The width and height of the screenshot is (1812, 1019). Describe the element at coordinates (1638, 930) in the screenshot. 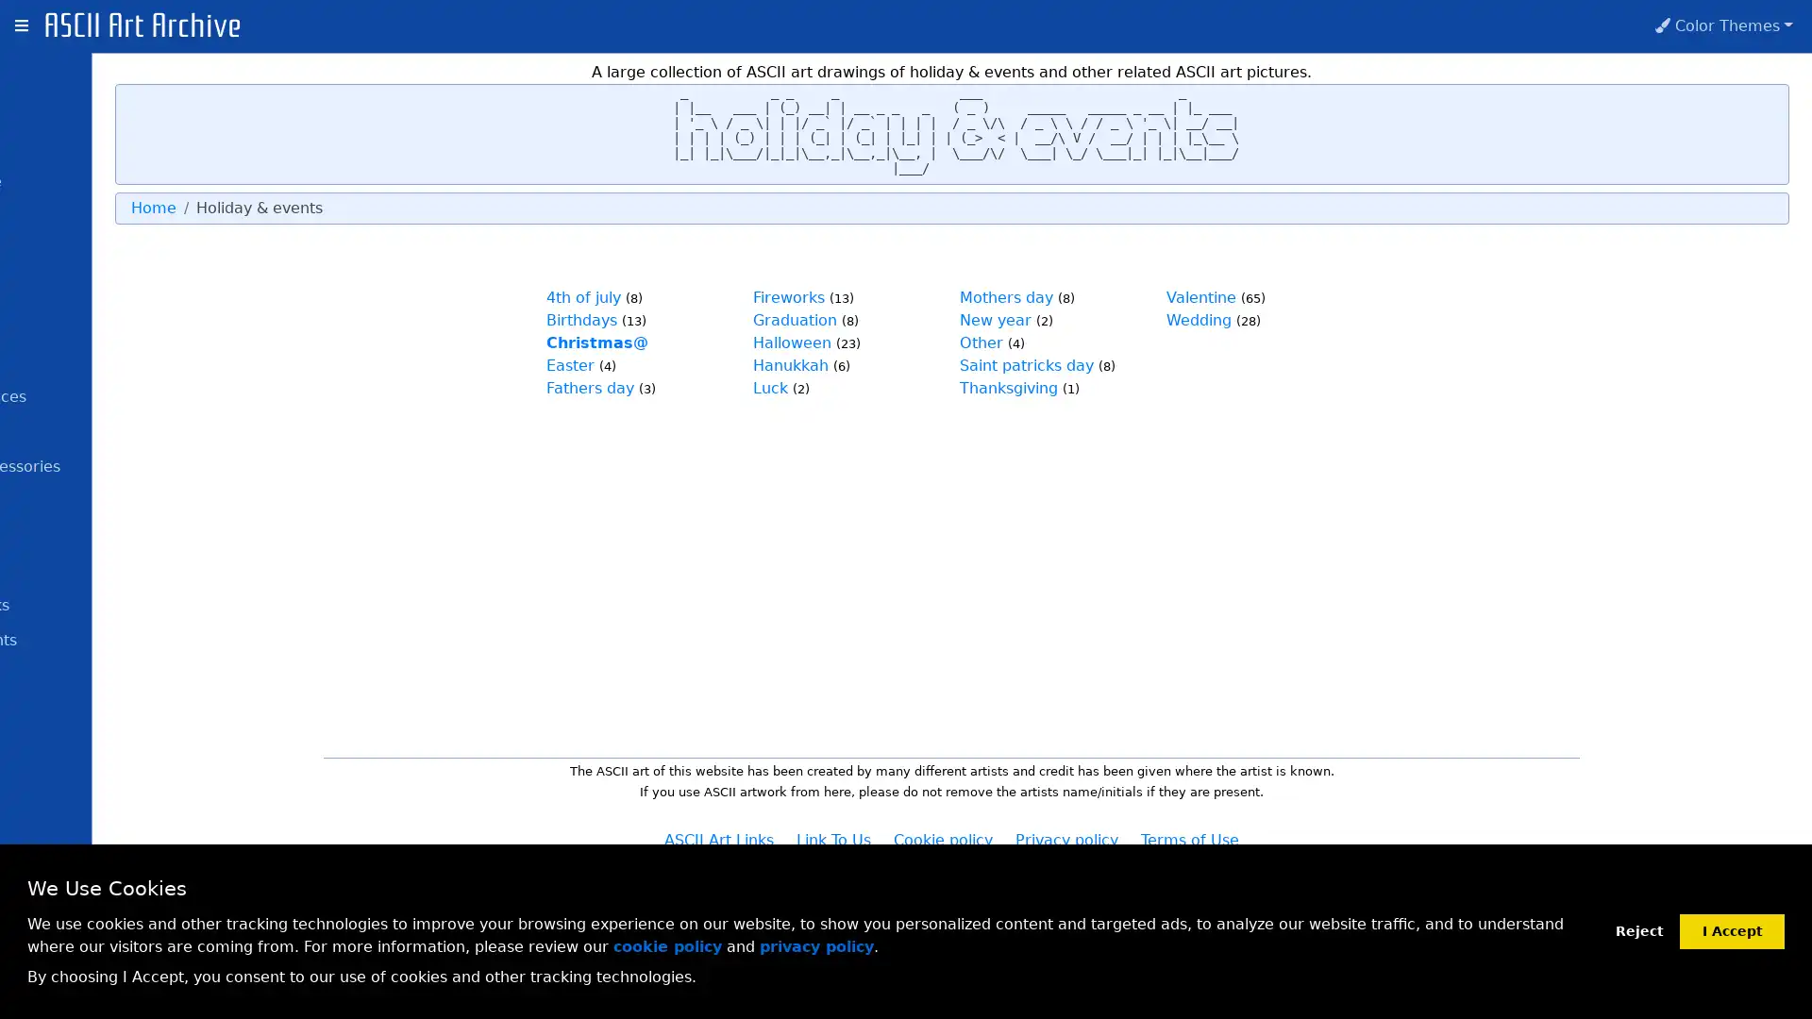

I see `Reject` at that location.